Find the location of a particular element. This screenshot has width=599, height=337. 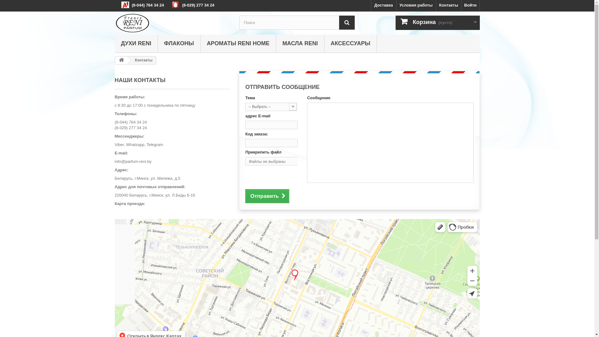

'Viber' is located at coordinates (115, 144).